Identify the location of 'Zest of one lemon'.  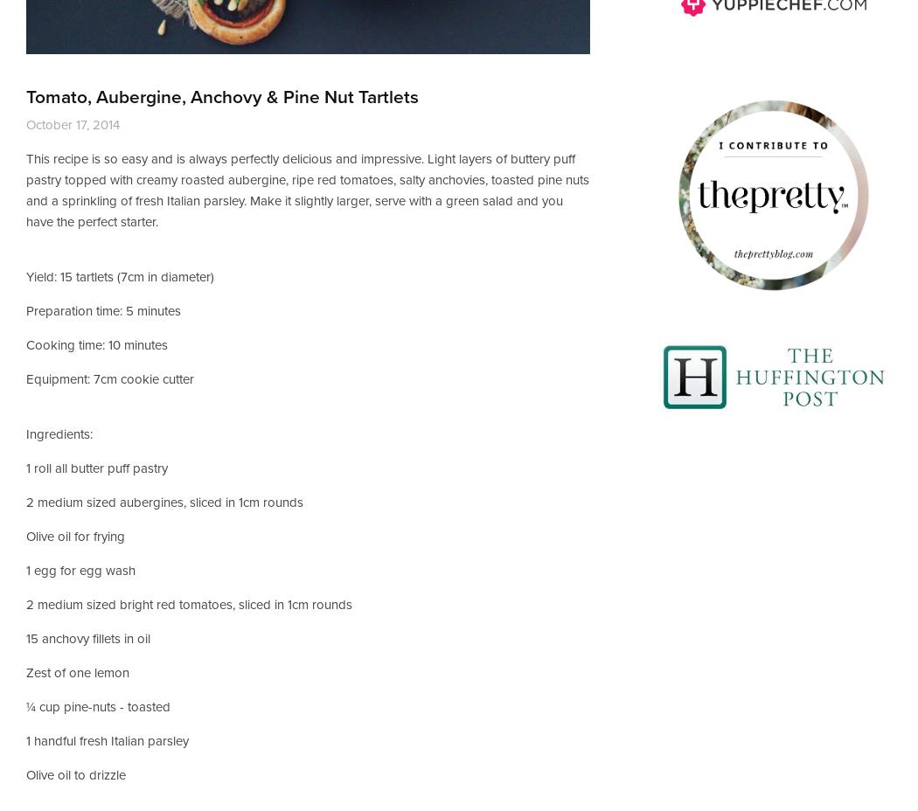
(78, 671).